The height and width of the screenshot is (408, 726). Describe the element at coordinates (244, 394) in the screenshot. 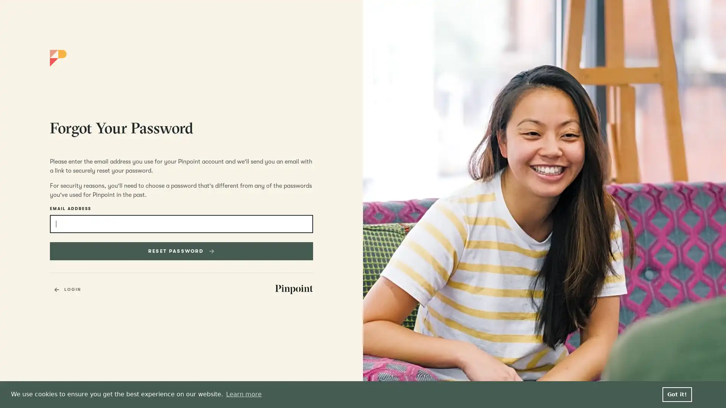

I see `learn more about cookies` at that location.